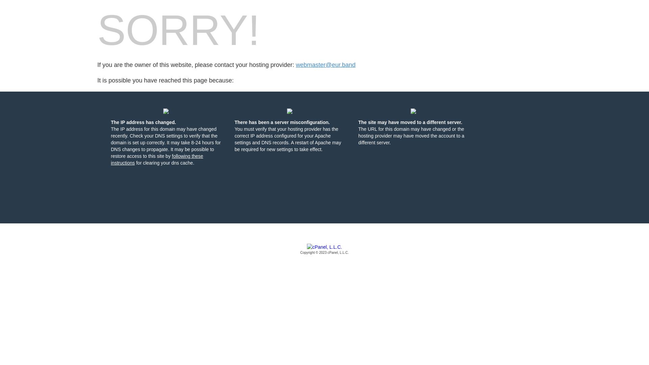 This screenshot has height=365, width=649. Describe the element at coordinates (326, 65) in the screenshot. I see `'webmaster@eur.band'` at that location.